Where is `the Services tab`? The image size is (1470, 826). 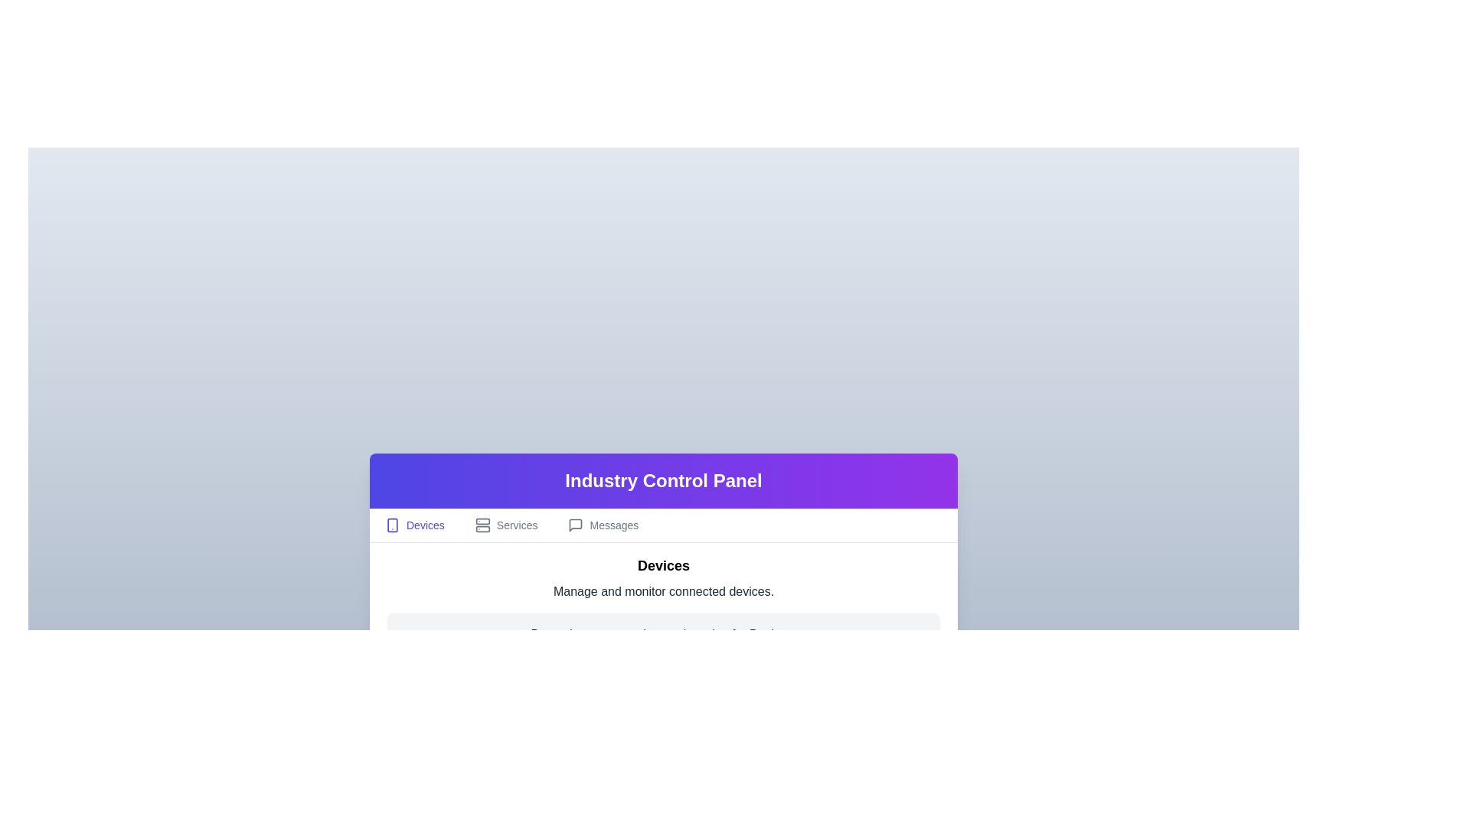
the Services tab is located at coordinates (506, 524).